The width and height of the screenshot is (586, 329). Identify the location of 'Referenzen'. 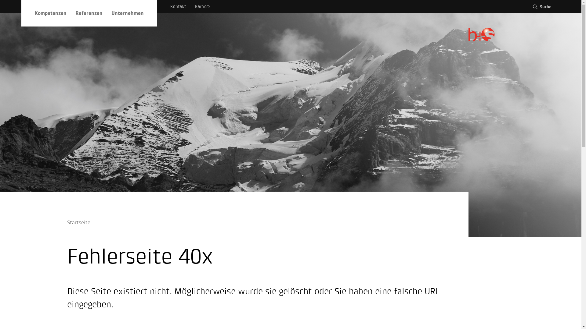
(89, 13).